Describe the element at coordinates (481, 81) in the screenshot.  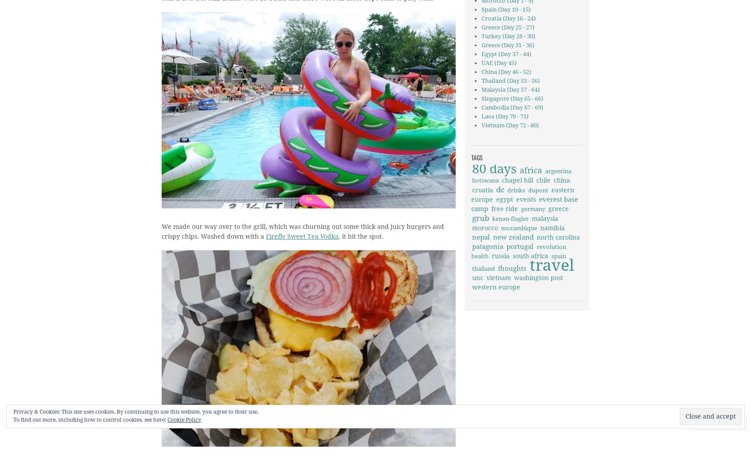
I see `'Thailand (Day 53 - 56)'` at that location.